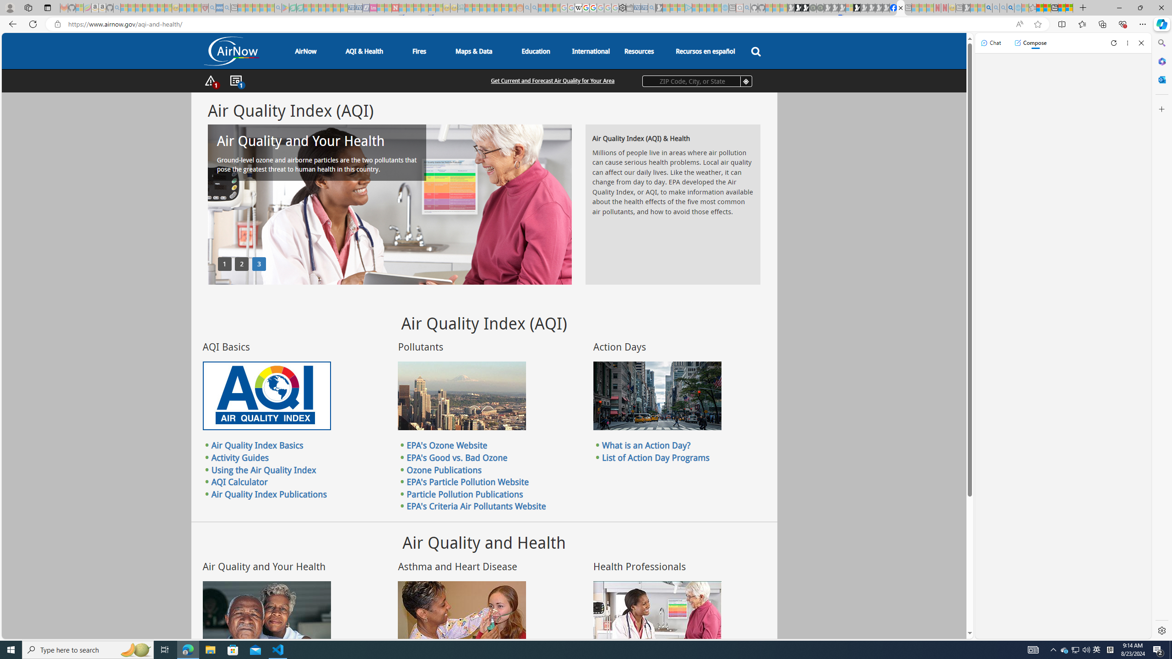  I want to click on 'Air Now Logo', so click(231, 51).